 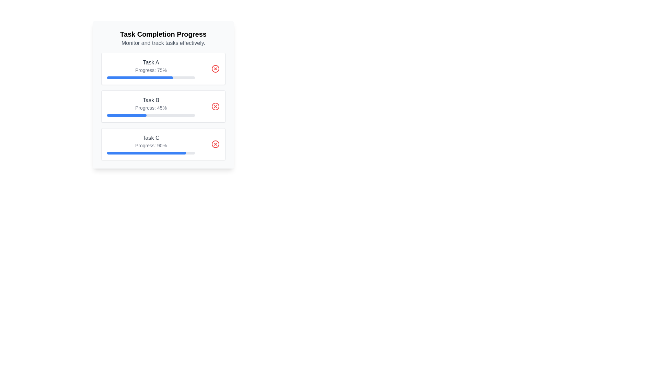 What do you see at coordinates (151, 153) in the screenshot?
I see `the progress bar indicating 'Task C', which is primarily grey with a blue segment covering 90% of its width, located beneath the text 'Progress: 90%'` at bounding box center [151, 153].